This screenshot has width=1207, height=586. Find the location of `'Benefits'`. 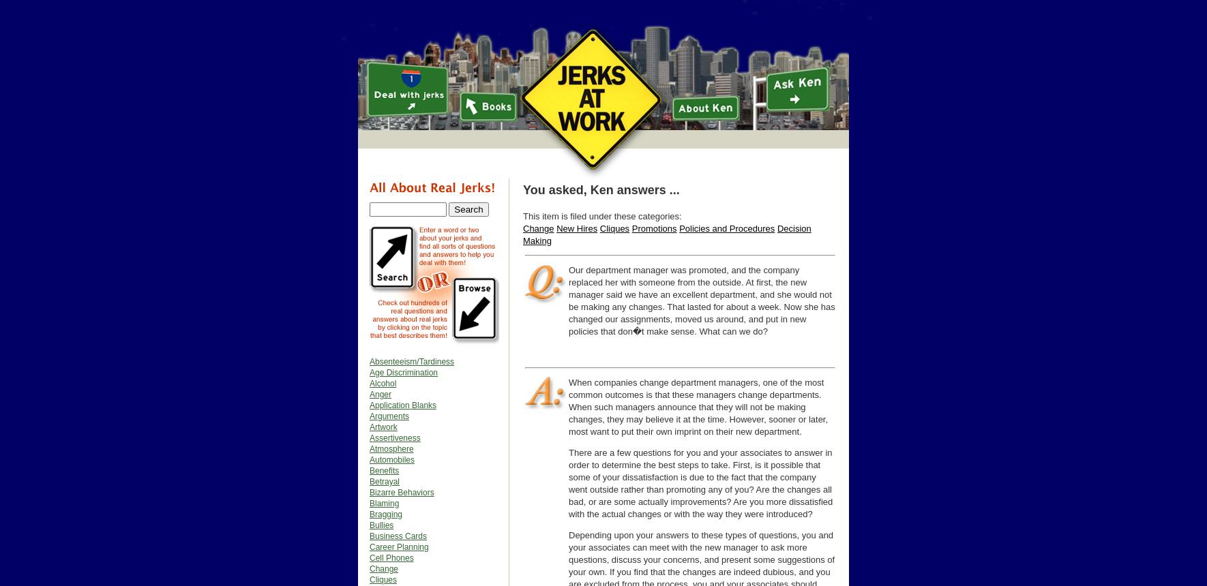

'Benefits' is located at coordinates (384, 471).